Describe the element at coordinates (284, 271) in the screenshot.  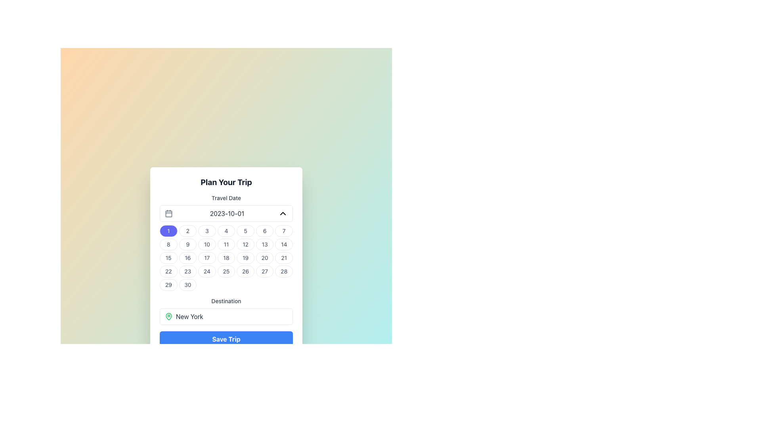
I see `the rounded button displaying the number '28' in the calendar interface` at that location.